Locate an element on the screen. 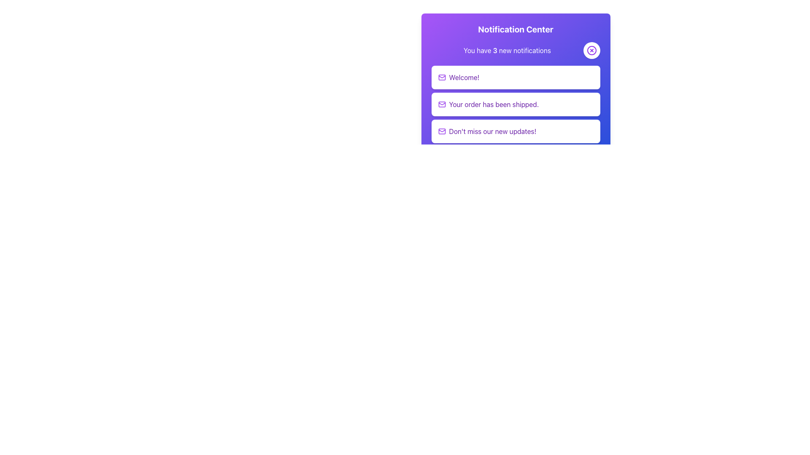 The image size is (810, 455). the envelope icon representing an email or message associated with the notification 'Your order has been shipped.' located in the second notification entry is located at coordinates (441, 104).